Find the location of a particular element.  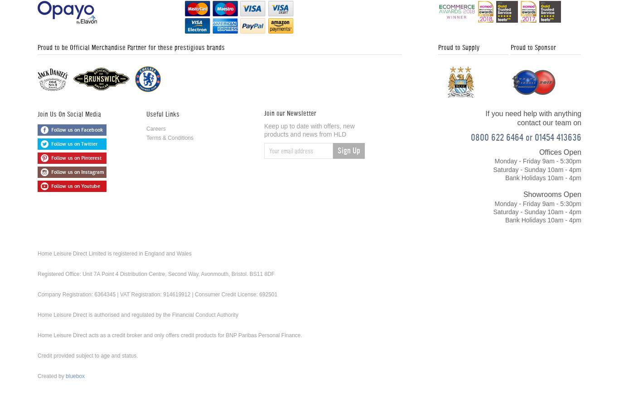

'0800 622 6464 or 01454 413636' is located at coordinates (526, 137).